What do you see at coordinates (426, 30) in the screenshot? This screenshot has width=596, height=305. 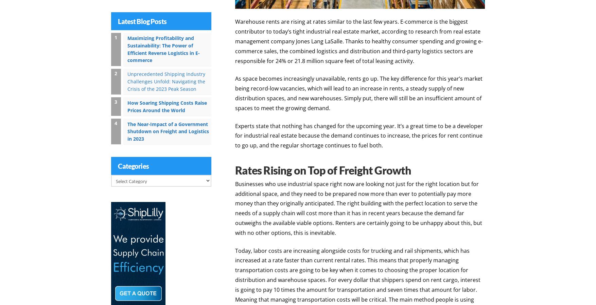 I see `'research'` at bounding box center [426, 30].